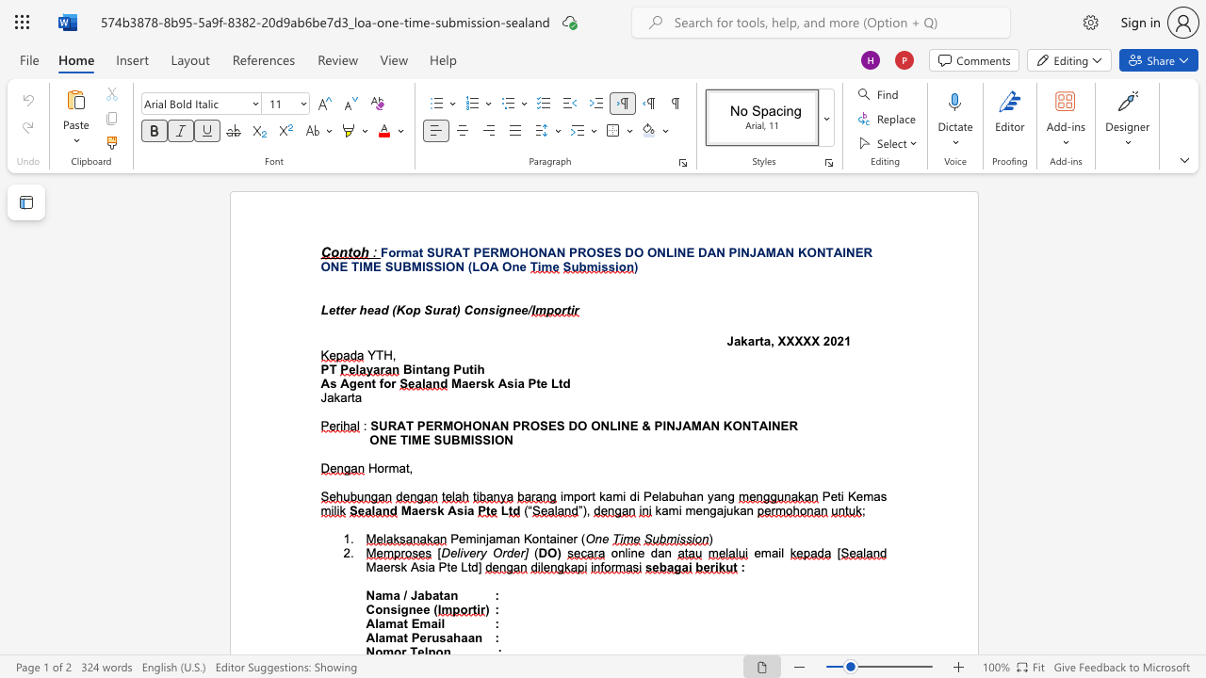 This screenshot has height=678, width=1206. What do you see at coordinates (411, 369) in the screenshot?
I see `the subset text "intan" within the text "Bintang Putih"` at bounding box center [411, 369].